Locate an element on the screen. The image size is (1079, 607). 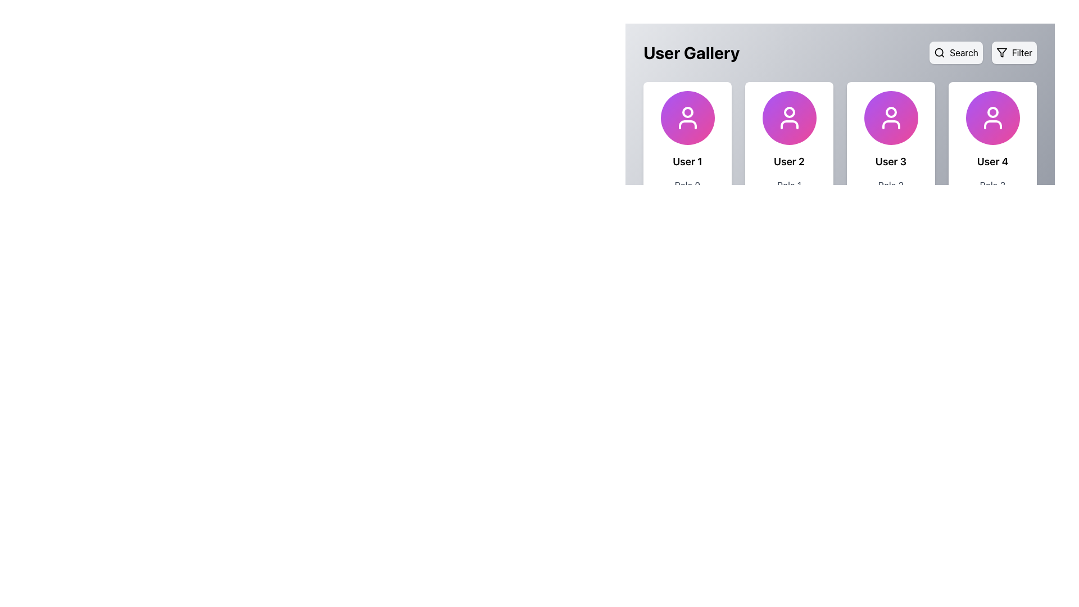
informational label text for 'User 2' located below the 'User 2' label and above the 'View Profile' button is located at coordinates (788, 185).